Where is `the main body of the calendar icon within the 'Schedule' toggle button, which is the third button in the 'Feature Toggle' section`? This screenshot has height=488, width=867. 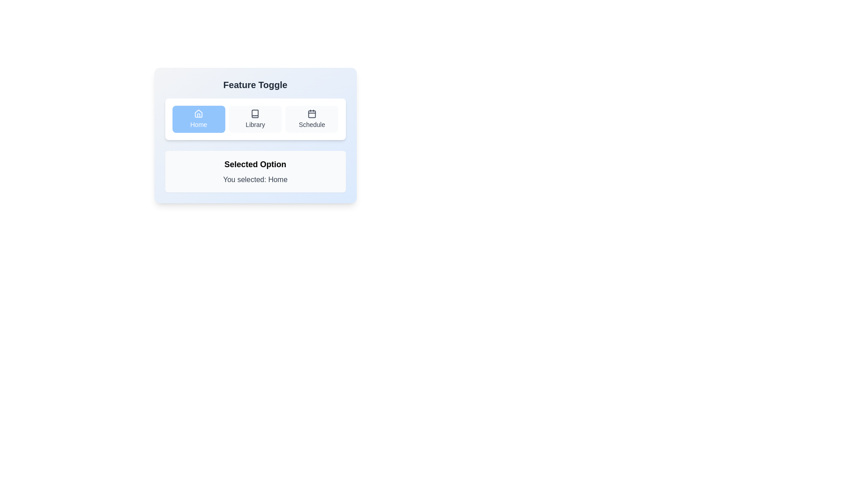
the main body of the calendar icon within the 'Schedule' toggle button, which is the third button in the 'Feature Toggle' section is located at coordinates (312, 113).